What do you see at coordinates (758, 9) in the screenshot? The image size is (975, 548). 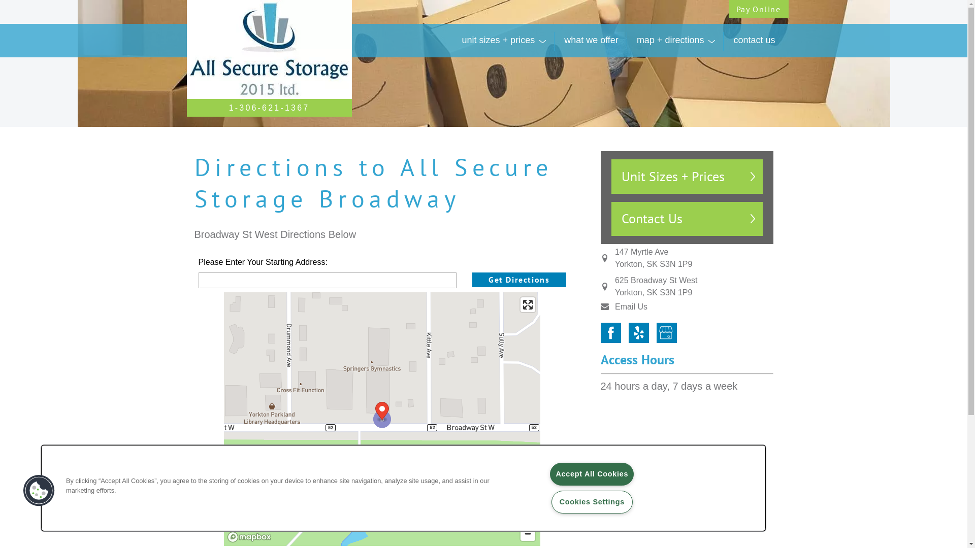 I see `'Pay Online'` at bounding box center [758, 9].